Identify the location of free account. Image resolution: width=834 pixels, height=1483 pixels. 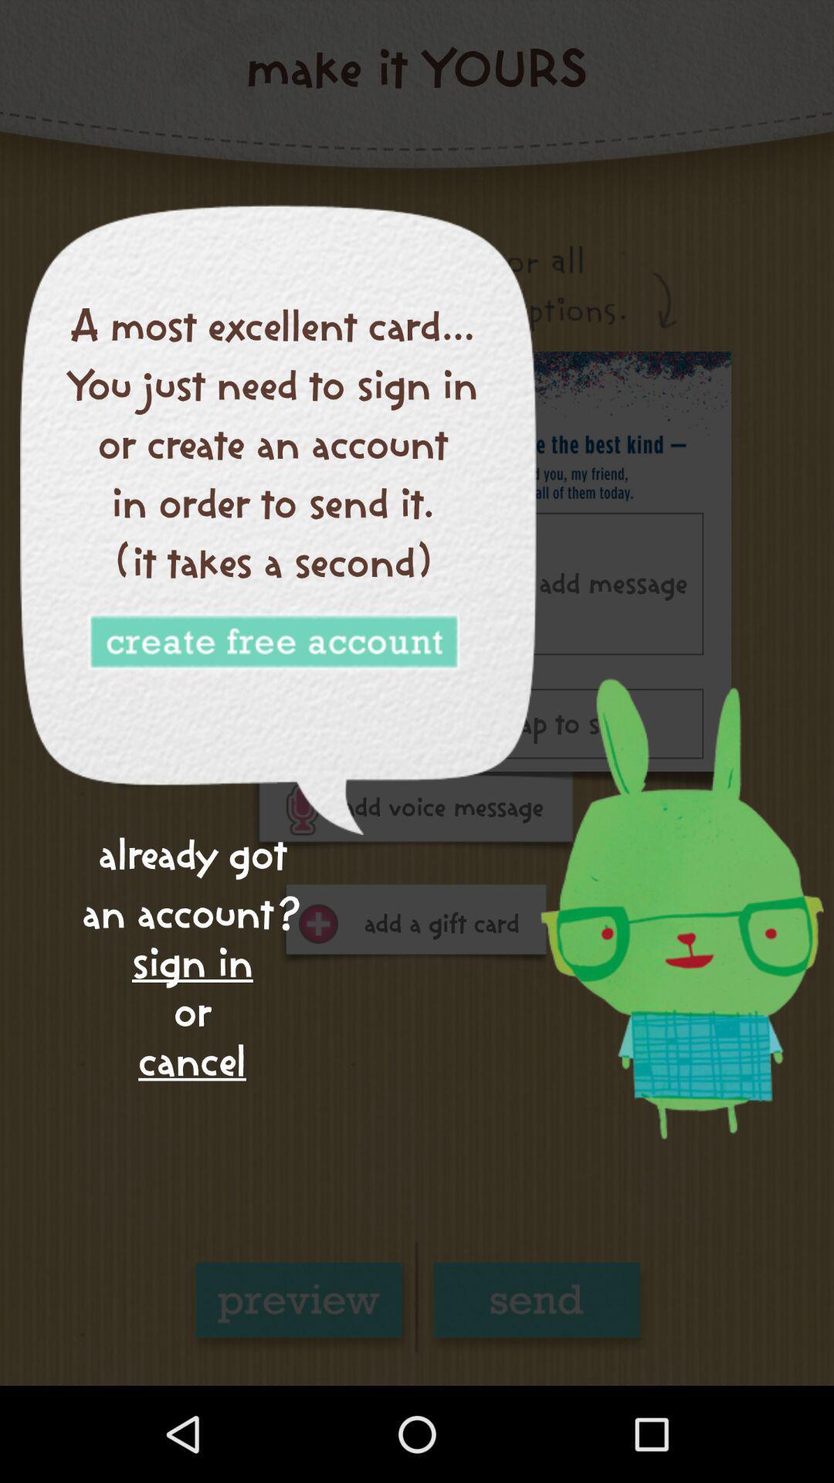
(273, 643).